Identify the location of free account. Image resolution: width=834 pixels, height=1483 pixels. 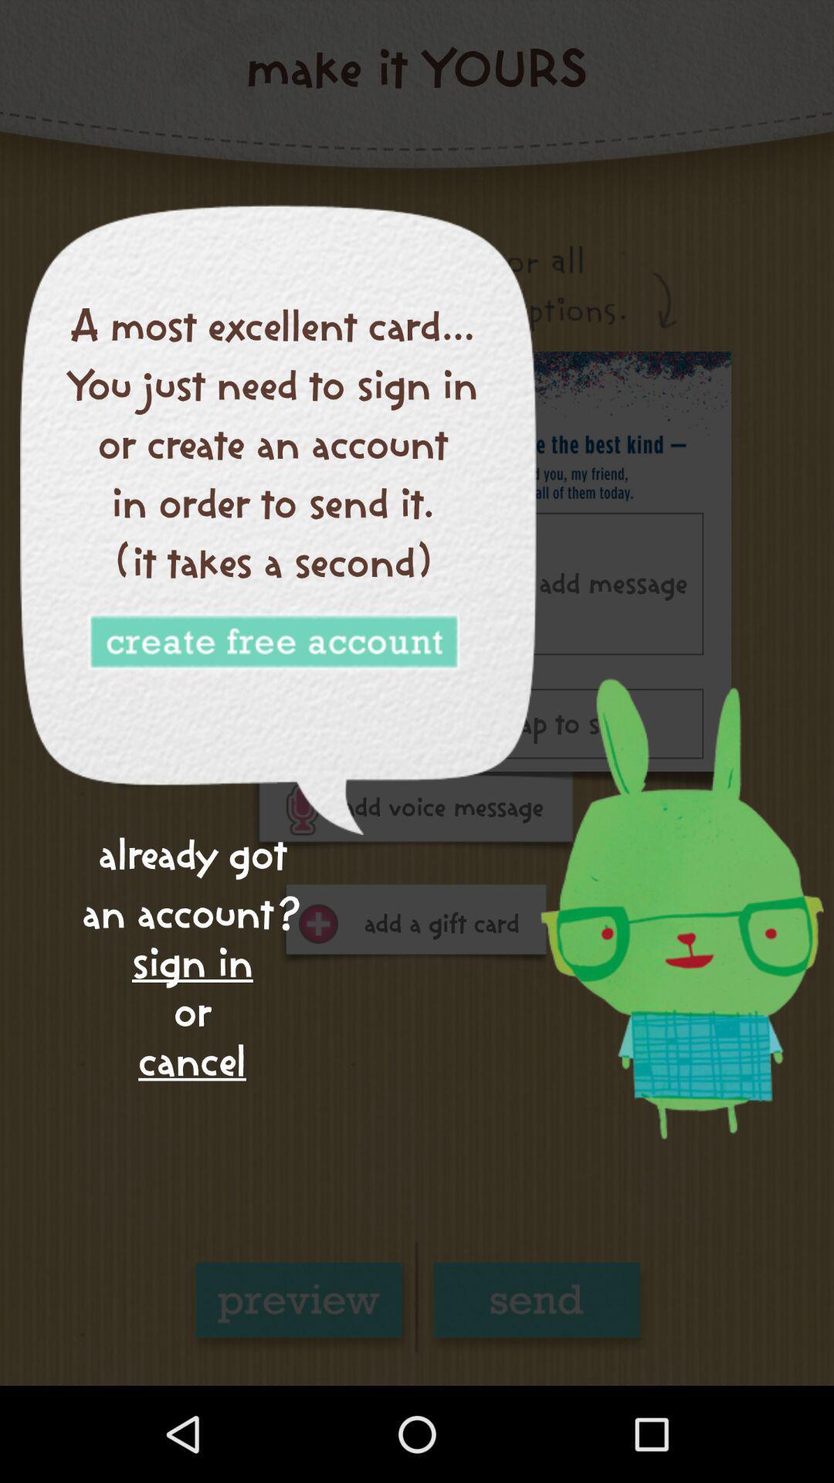
(273, 643).